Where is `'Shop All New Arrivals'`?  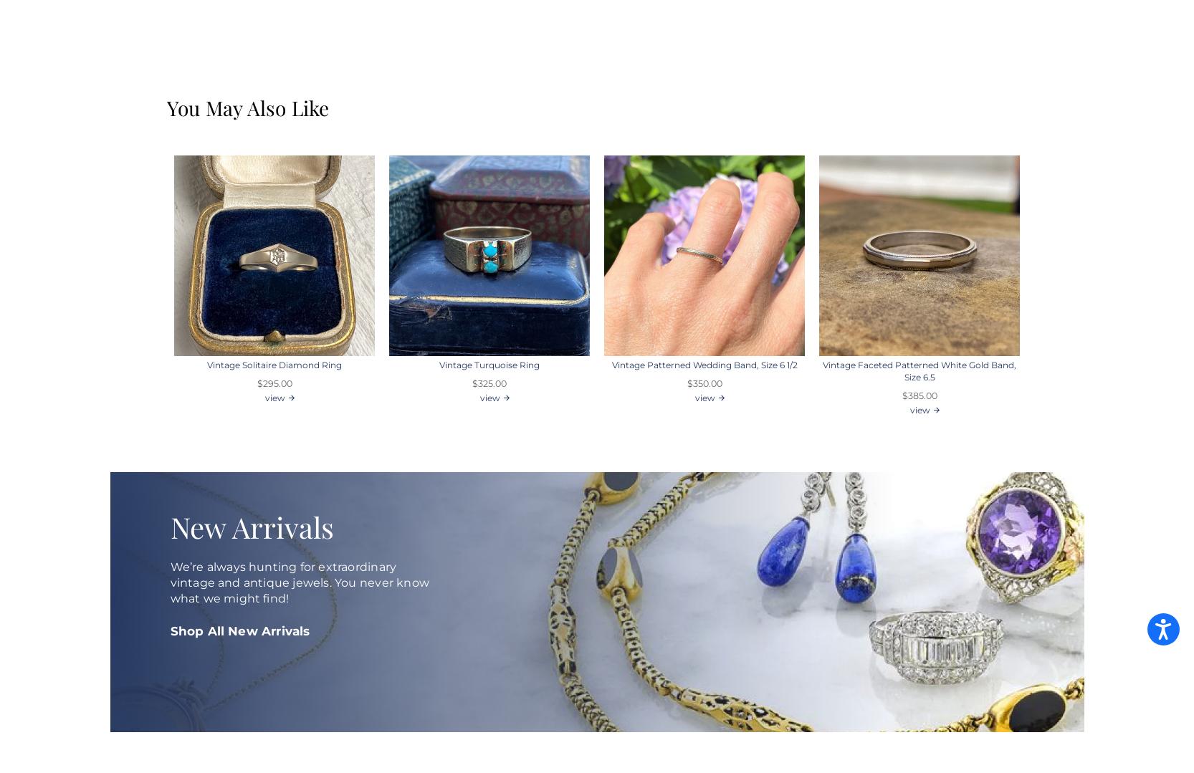 'Shop All New Arrivals' is located at coordinates (239, 630).